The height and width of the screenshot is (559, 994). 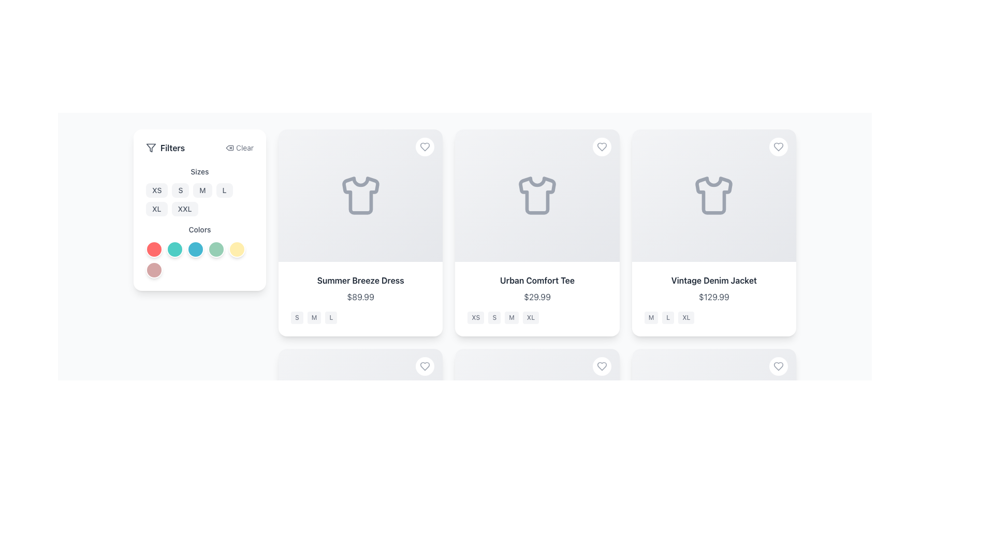 What do you see at coordinates (165, 148) in the screenshot?
I see `the 'Filters' label with the funnel icon on the top-left side of the filter panel to focus on filter options` at bounding box center [165, 148].